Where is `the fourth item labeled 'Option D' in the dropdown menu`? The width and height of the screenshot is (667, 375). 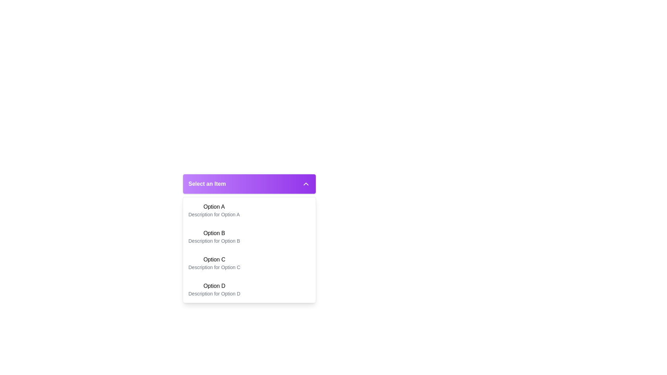 the fourth item labeled 'Option D' in the dropdown menu is located at coordinates (249, 289).